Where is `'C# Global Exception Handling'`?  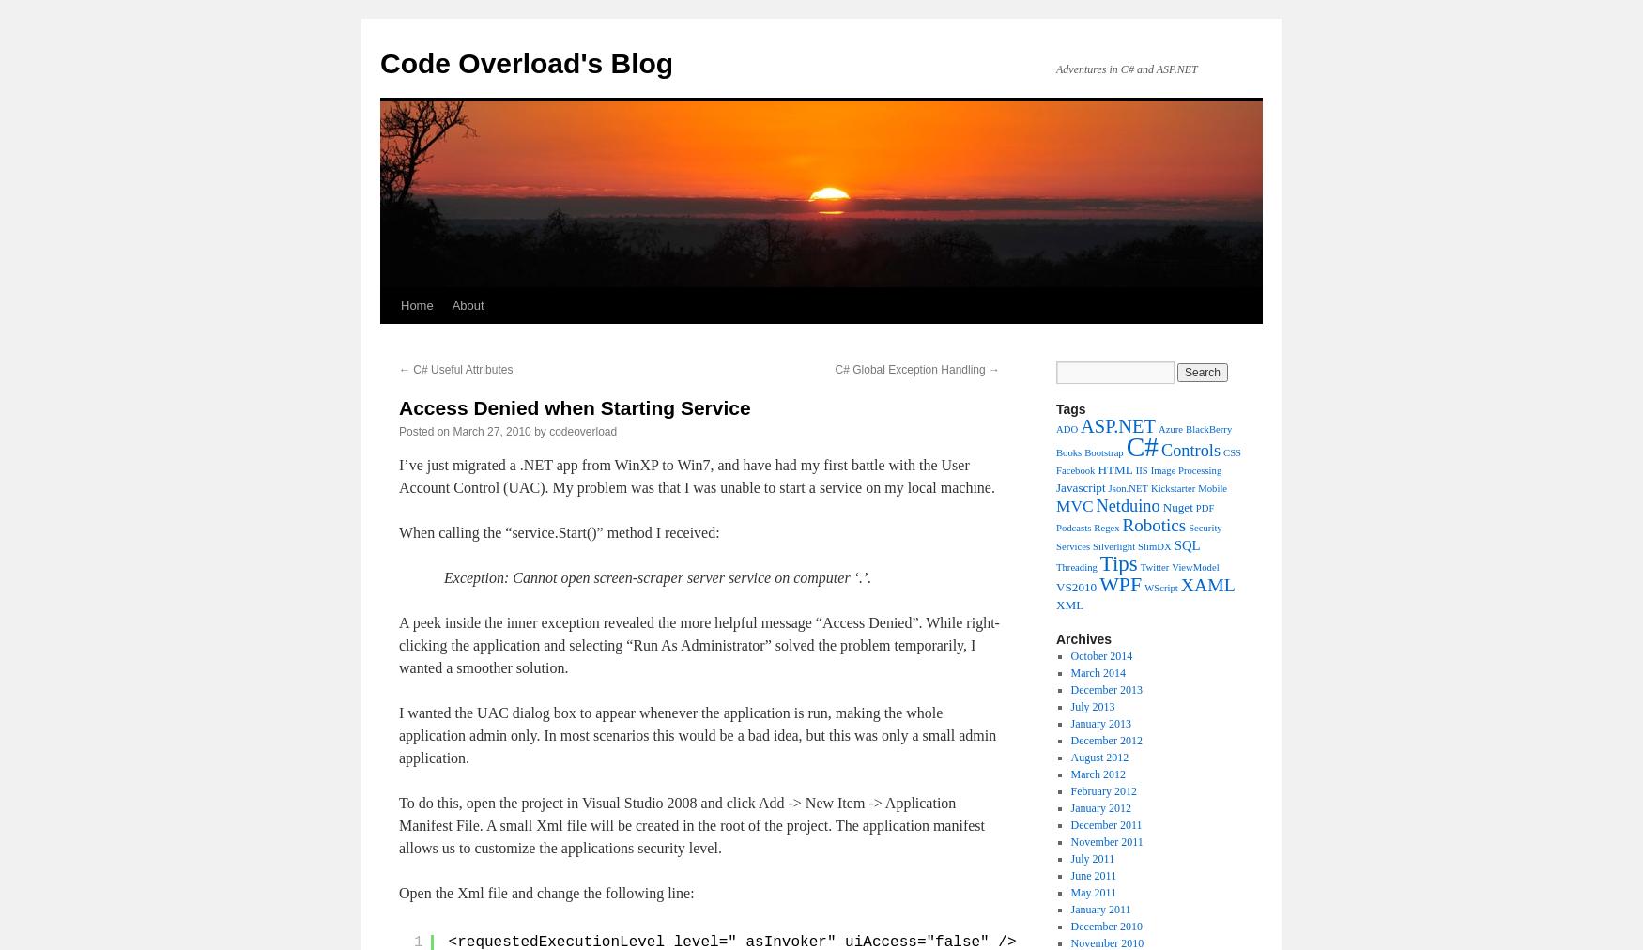
'C# Global Exception Handling' is located at coordinates (912, 369).